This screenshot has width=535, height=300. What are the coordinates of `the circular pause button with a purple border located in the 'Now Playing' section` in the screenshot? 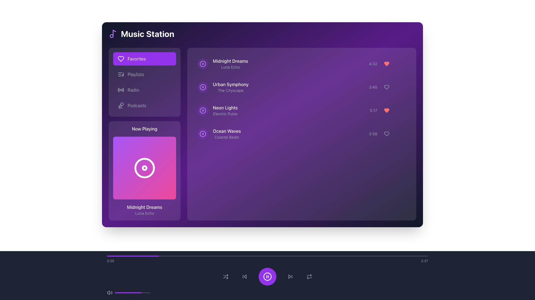 It's located at (203, 64).